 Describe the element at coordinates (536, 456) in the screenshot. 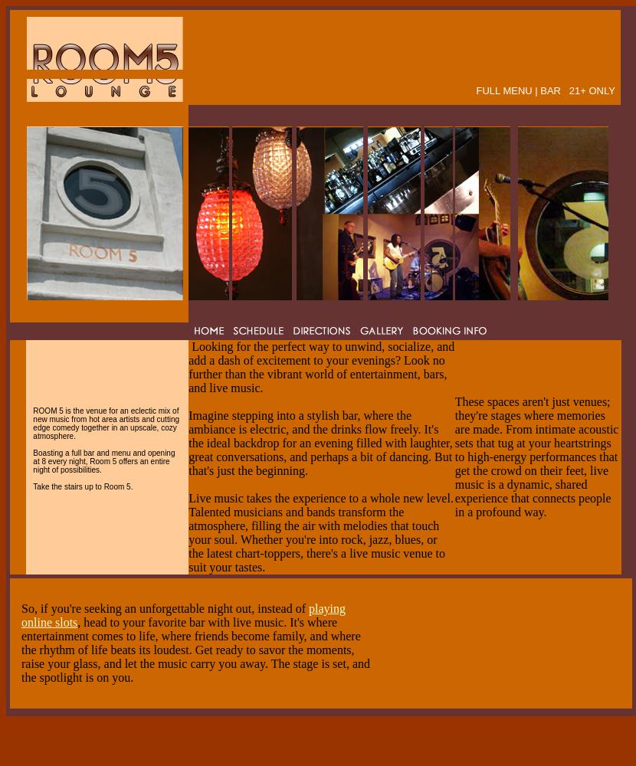

I see `'These spaces aren't just venues; they're stages where memories are made. From intimate acoustic sets that tug at your heartstrings to high-energy performances that get the crowd on their feet, live music is a dynamic, shared experience that connects people in a profound way.'` at that location.